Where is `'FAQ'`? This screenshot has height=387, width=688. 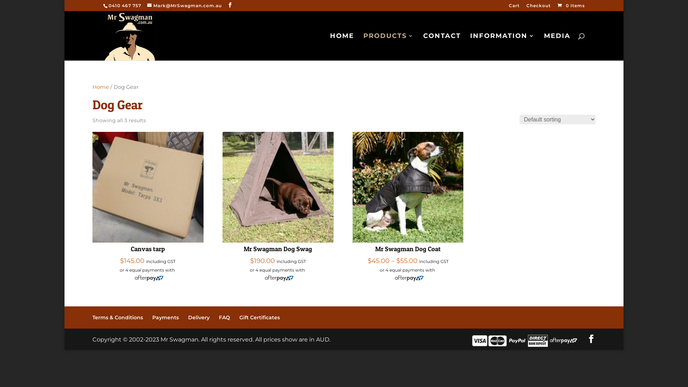 'FAQ' is located at coordinates (224, 317).